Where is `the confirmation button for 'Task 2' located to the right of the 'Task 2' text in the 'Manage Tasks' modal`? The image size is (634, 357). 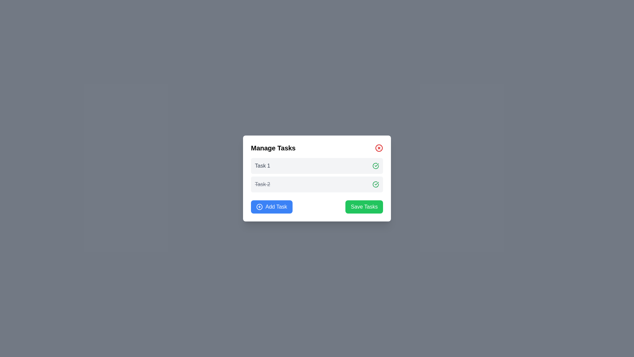
the confirmation button for 'Task 2' located to the right of the 'Task 2' text in the 'Manage Tasks' modal is located at coordinates (375, 165).